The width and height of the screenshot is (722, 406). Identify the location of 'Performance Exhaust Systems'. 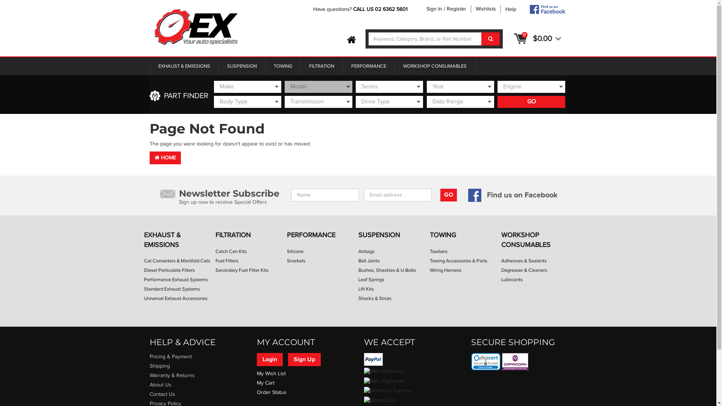
(175, 280).